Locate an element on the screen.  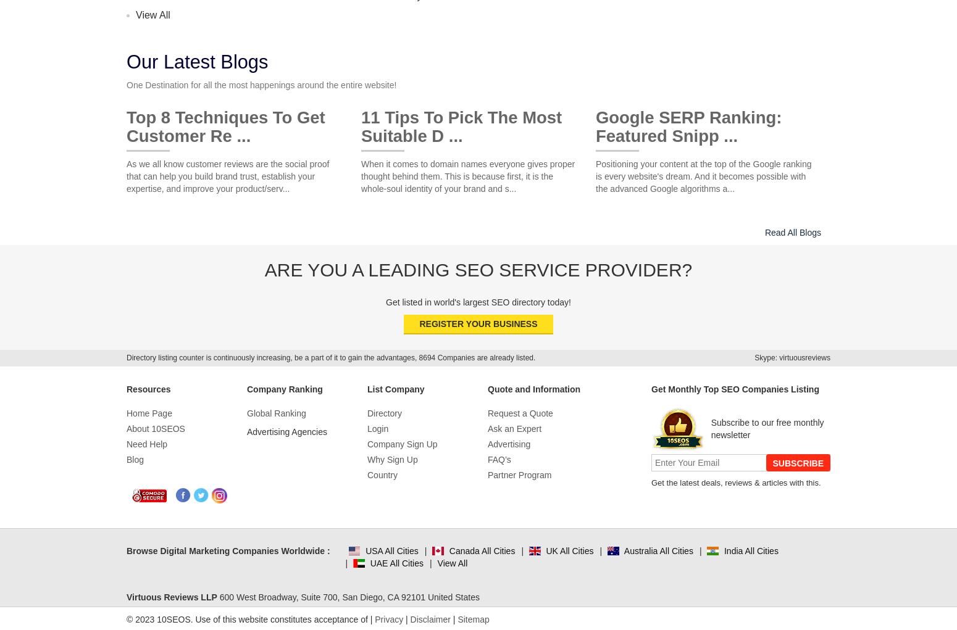
'One Destination for all the most happenings around the entire website!' is located at coordinates (126, 85).